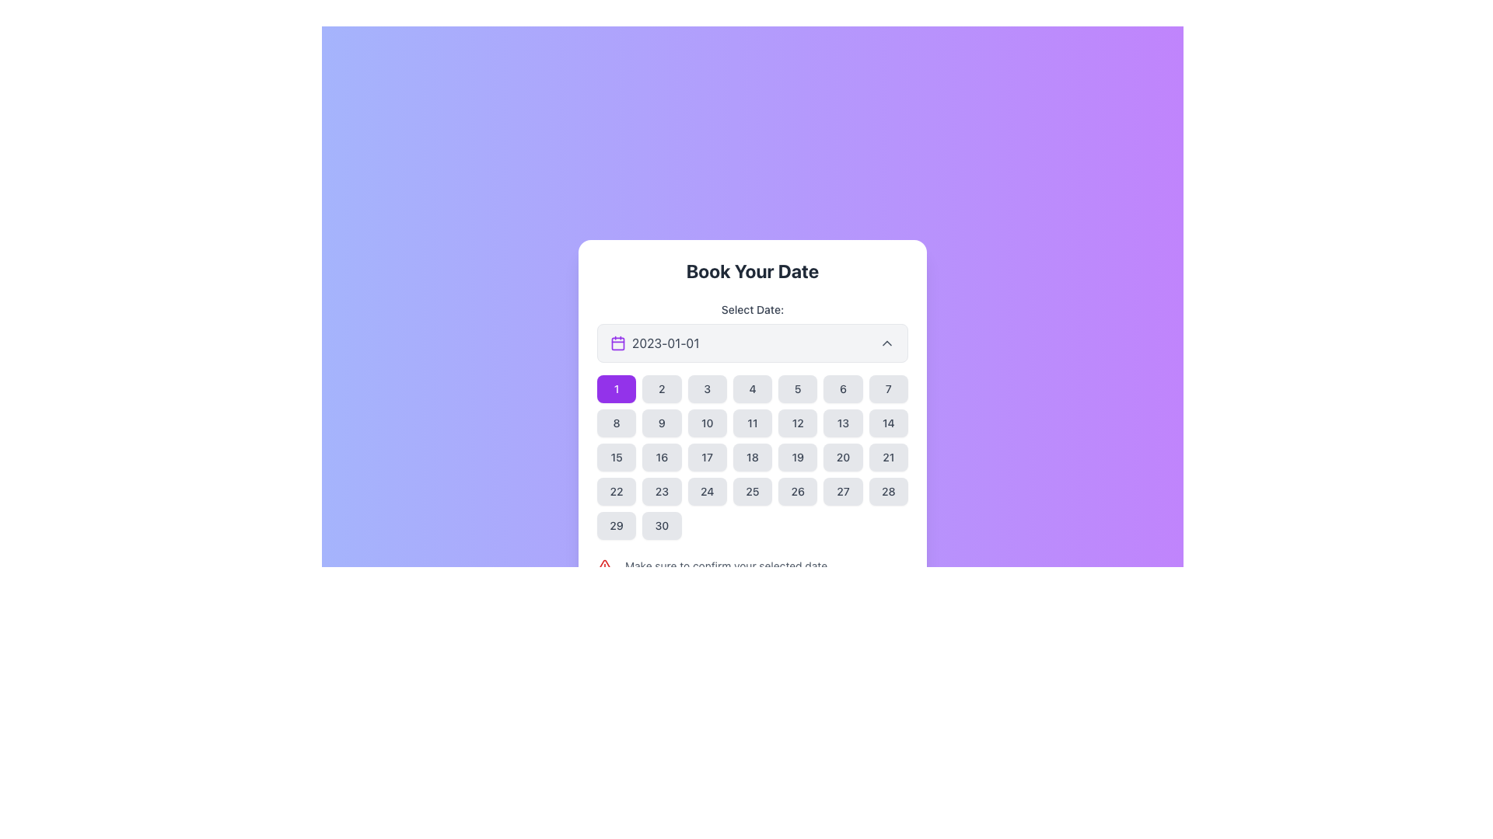 The width and height of the screenshot is (1493, 839). What do you see at coordinates (888, 491) in the screenshot?
I see `the selectable date option button for the date '28' in the calendar interface located in the sixth row and seventh column of the grid` at bounding box center [888, 491].